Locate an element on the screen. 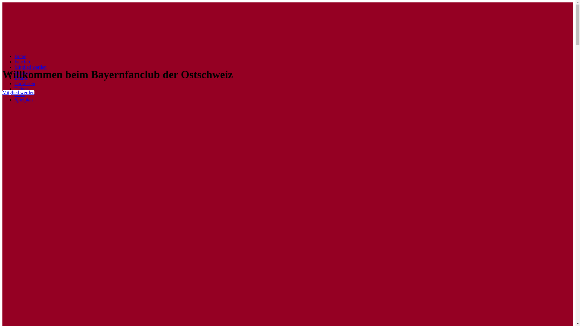 This screenshot has width=580, height=326. 'Events' is located at coordinates (21, 78).